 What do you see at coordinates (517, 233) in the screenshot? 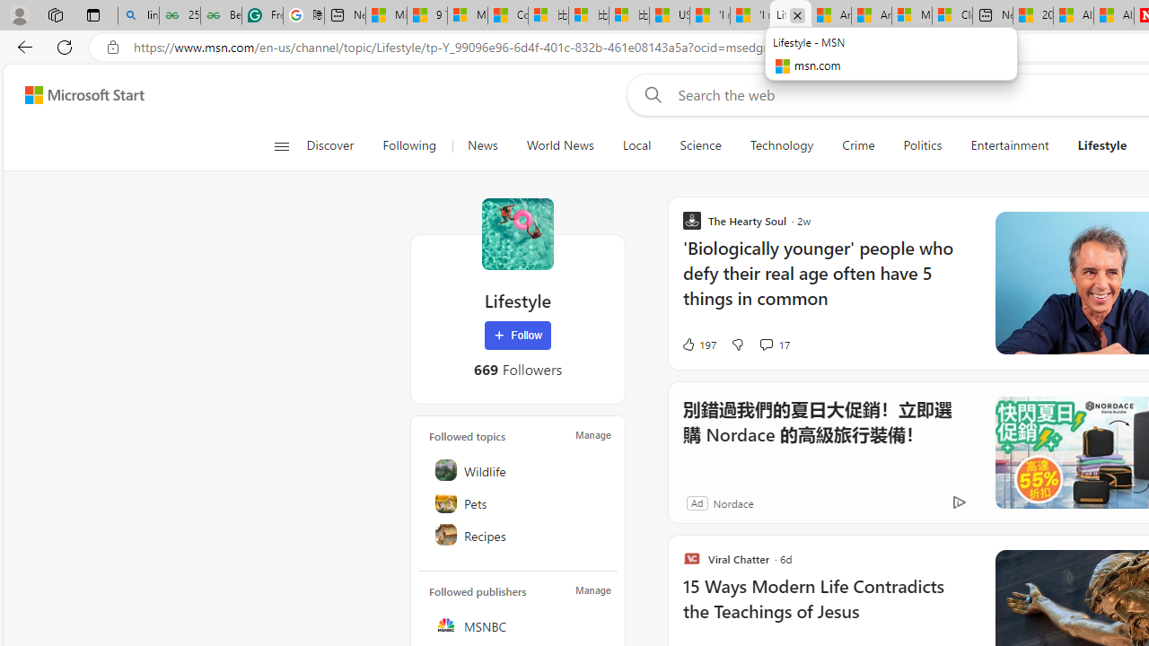
I see `'Lifestyle'` at bounding box center [517, 233].